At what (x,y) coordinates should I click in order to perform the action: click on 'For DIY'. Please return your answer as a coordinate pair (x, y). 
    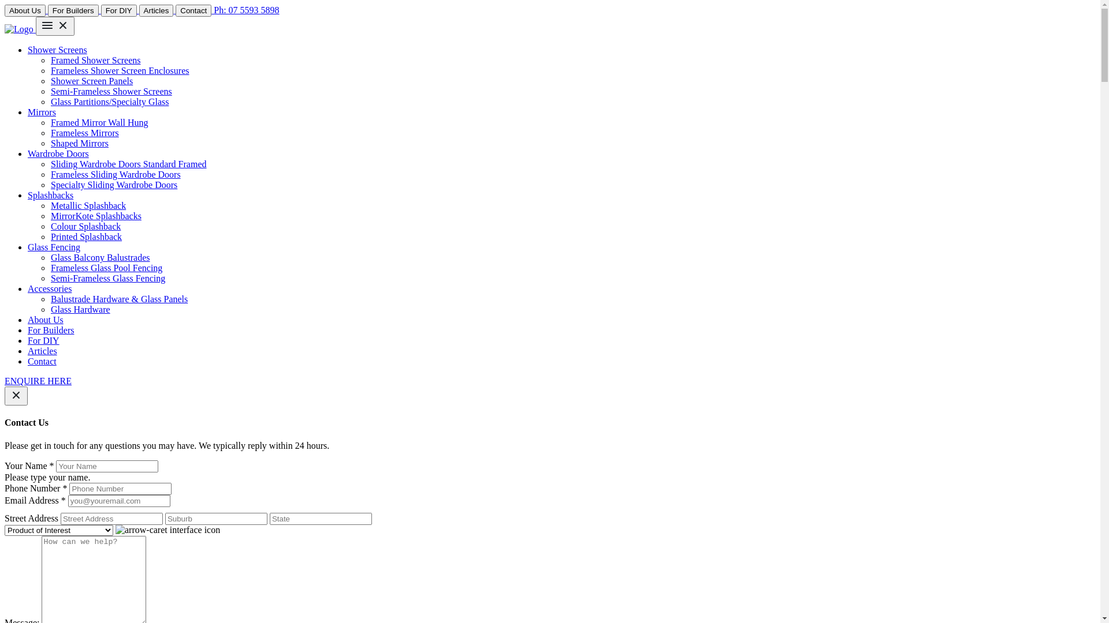
    Looking at the image, I should click on (101, 10).